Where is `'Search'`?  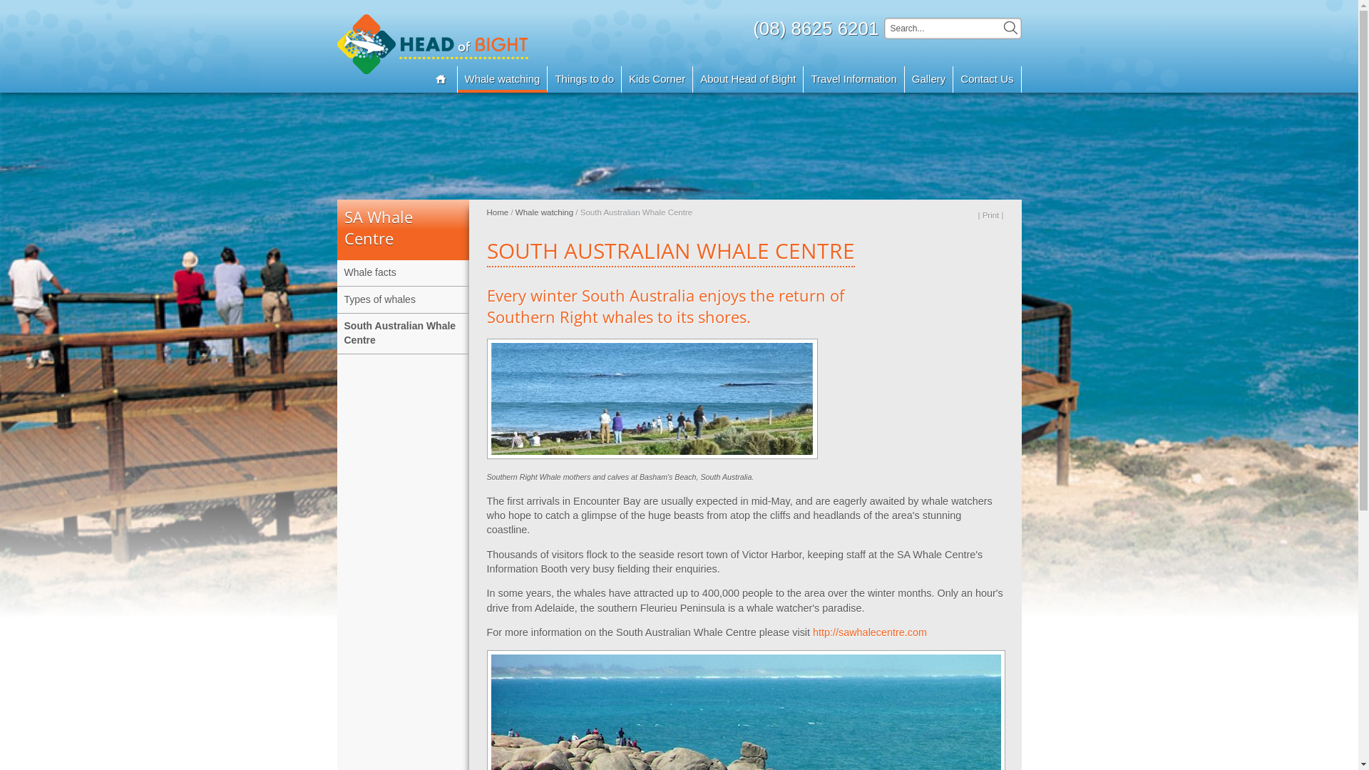 'Search' is located at coordinates (1009, 28).